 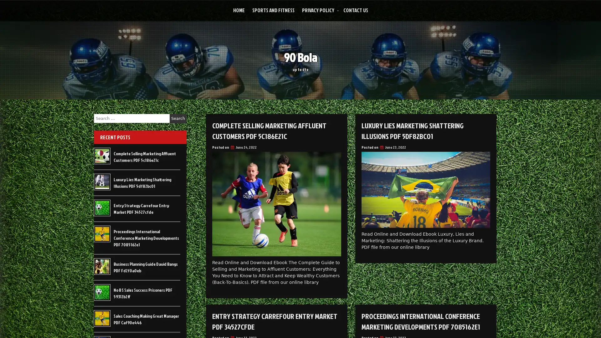 What do you see at coordinates (178, 118) in the screenshot?
I see `Search` at bounding box center [178, 118].